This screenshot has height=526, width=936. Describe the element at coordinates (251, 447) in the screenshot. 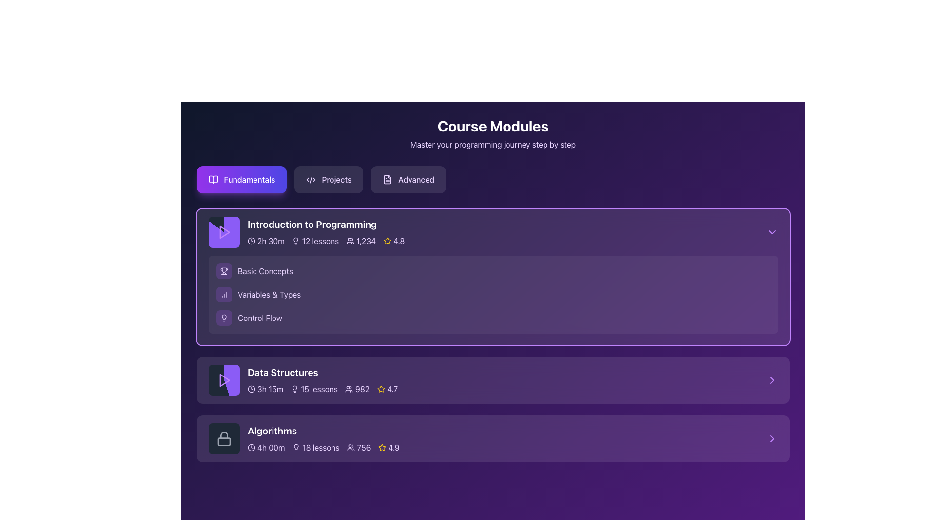

I see `the clock icon with a circular outline and two hands, located to the left of the '4h 00m' text in the 'Algorithms' section` at that location.